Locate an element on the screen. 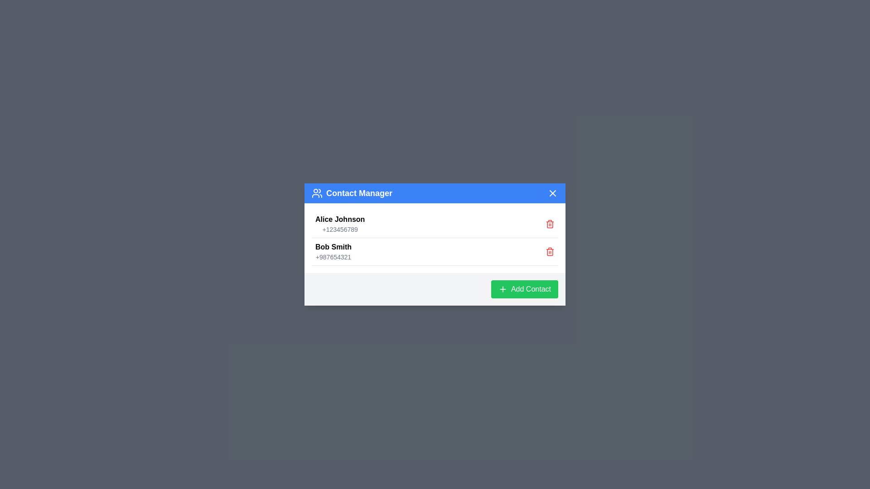 The width and height of the screenshot is (870, 489). the 'Add Contact' button to add a new contact is located at coordinates (524, 289).